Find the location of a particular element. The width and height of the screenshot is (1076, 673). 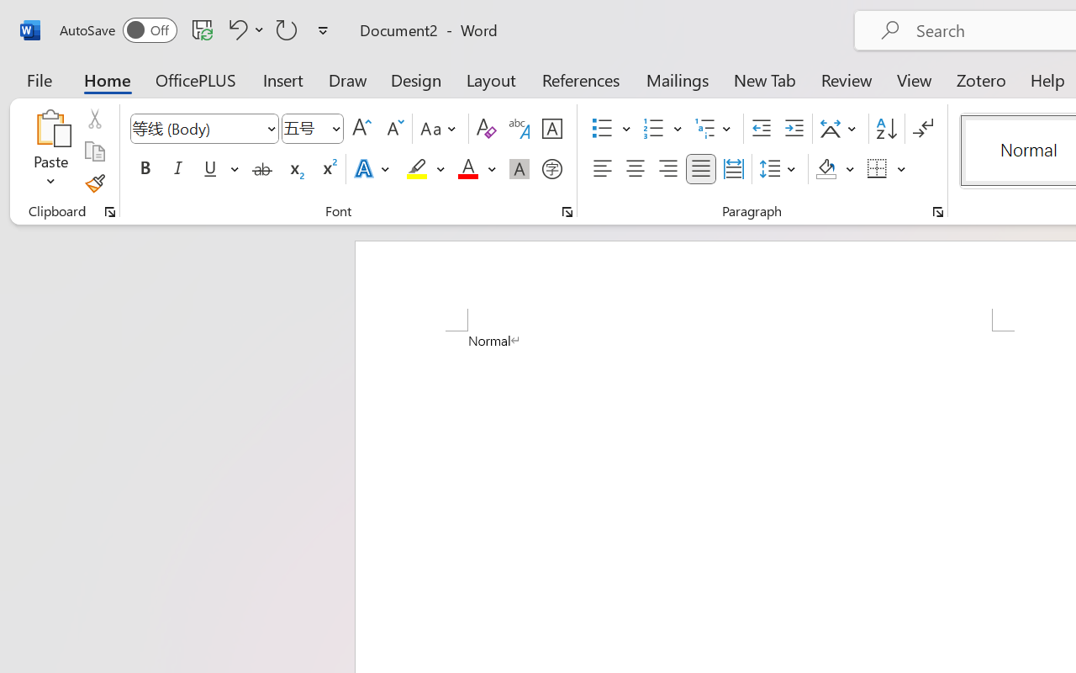

'Bold' is located at coordinates (145, 169).